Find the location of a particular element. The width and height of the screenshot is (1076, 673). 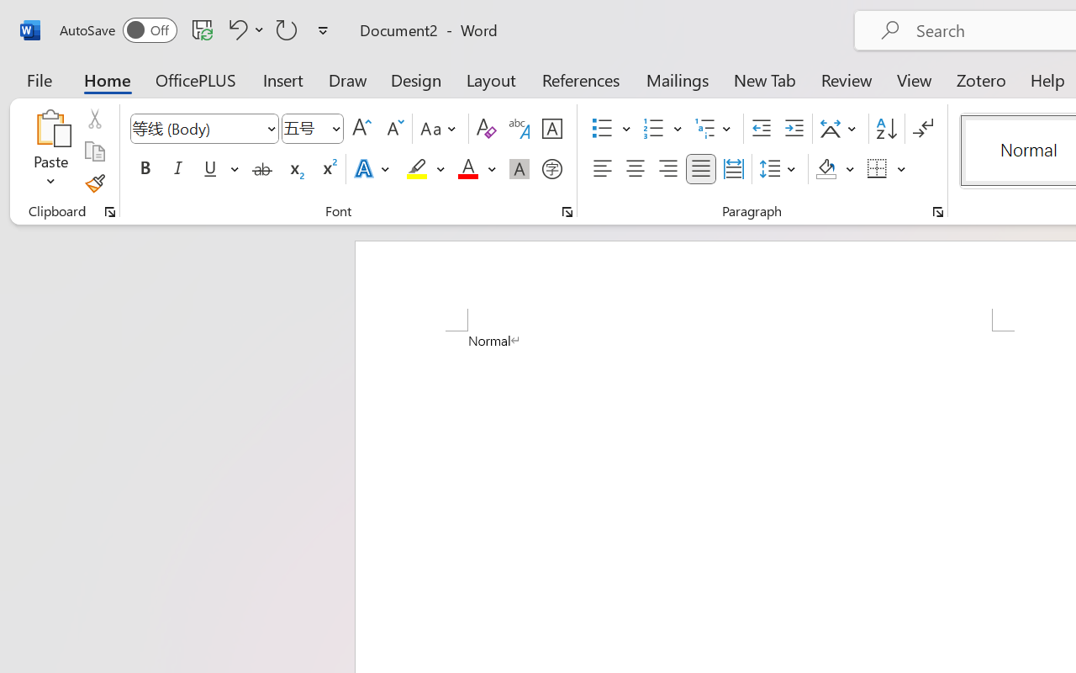

'Bold' is located at coordinates (145, 169).